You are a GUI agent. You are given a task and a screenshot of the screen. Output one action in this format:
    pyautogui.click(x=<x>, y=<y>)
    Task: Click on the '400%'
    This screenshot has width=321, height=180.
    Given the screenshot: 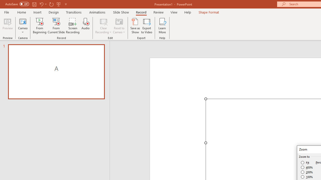 What is the action you would take?
    pyautogui.click(x=307, y=167)
    